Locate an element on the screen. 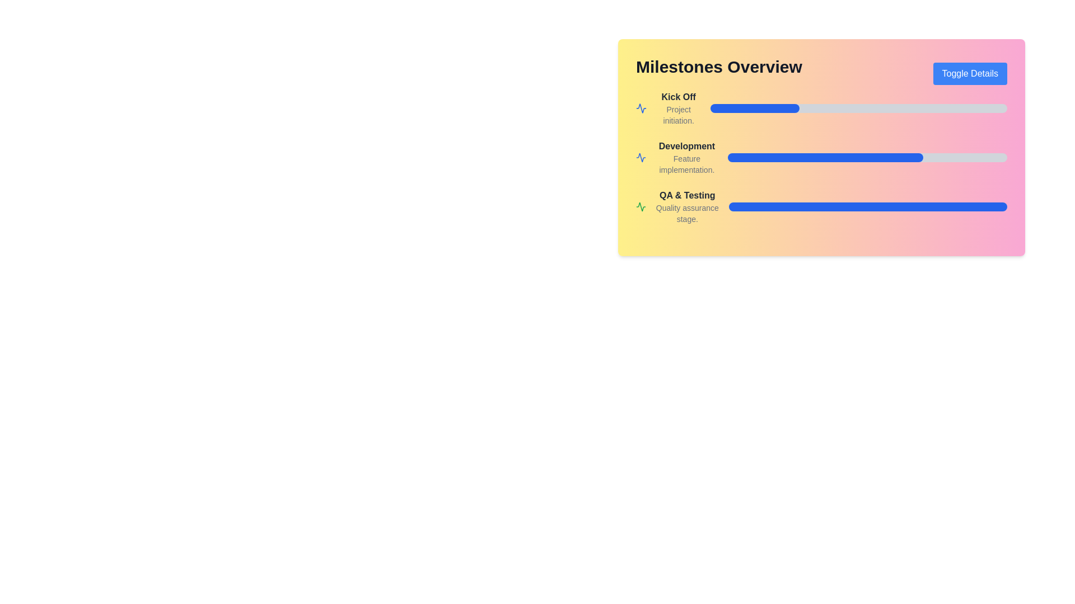 This screenshot has height=604, width=1075. the second text label in the 'Milestones Overview' section, which serves as a label for a milestone positioned below 'Kick Off' and above 'QA & Testing' is located at coordinates (686, 146).